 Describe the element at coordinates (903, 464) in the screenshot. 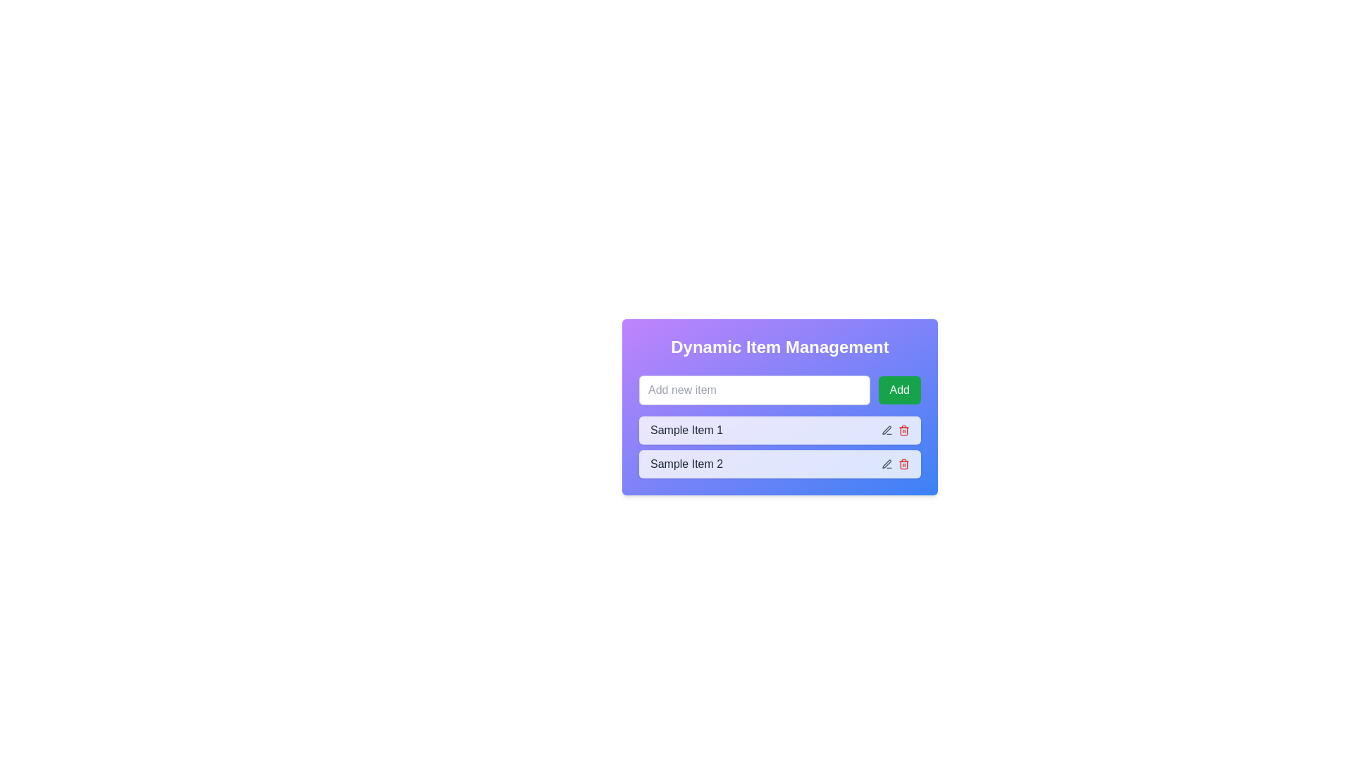

I see `the delete icon button associated with 'Sample Item 2'` at that location.